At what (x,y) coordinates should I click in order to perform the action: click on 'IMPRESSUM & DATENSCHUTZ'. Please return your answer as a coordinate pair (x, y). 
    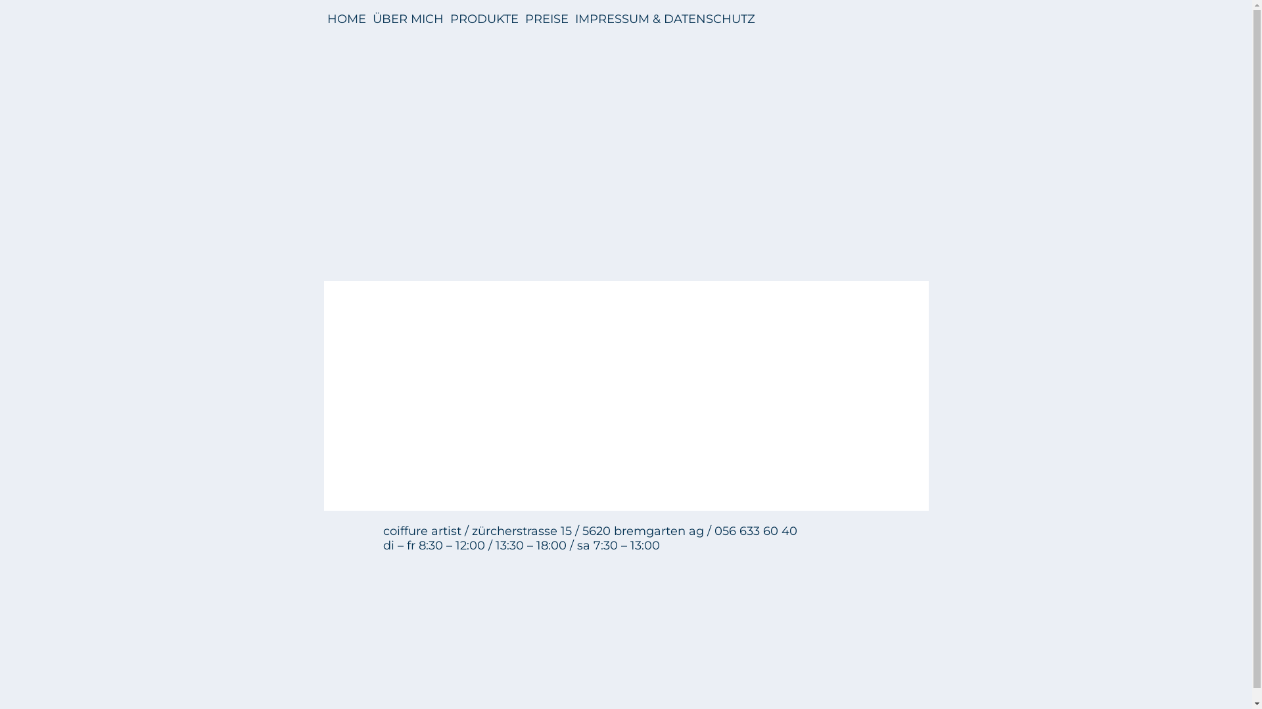
    Looking at the image, I should click on (665, 19).